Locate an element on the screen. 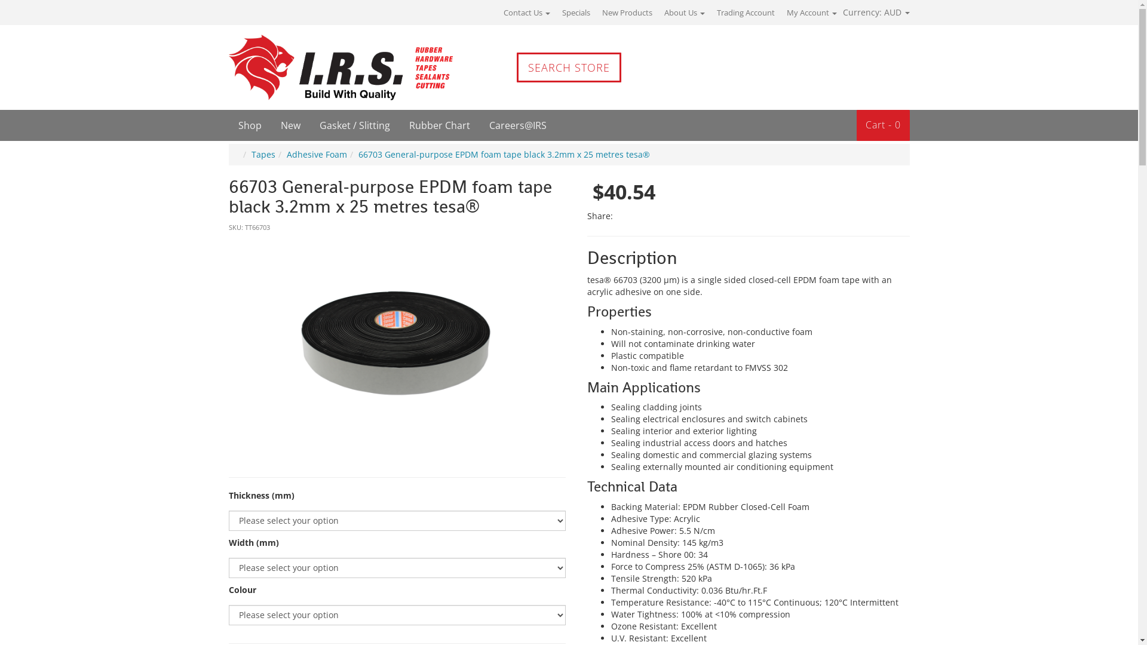 The height and width of the screenshot is (645, 1147). 'Adhesive Foam' is located at coordinates (317, 153).